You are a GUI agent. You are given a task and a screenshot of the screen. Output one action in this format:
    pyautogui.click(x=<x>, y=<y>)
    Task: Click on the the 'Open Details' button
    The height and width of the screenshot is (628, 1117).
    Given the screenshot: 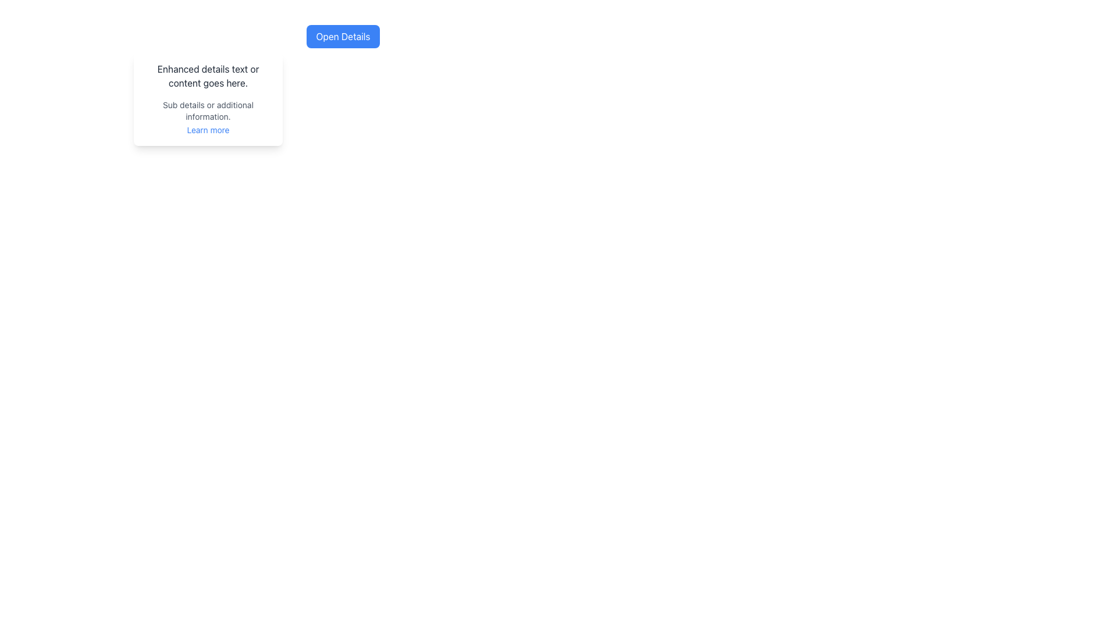 What is the action you would take?
    pyautogui.click(x=343, y=35)
    